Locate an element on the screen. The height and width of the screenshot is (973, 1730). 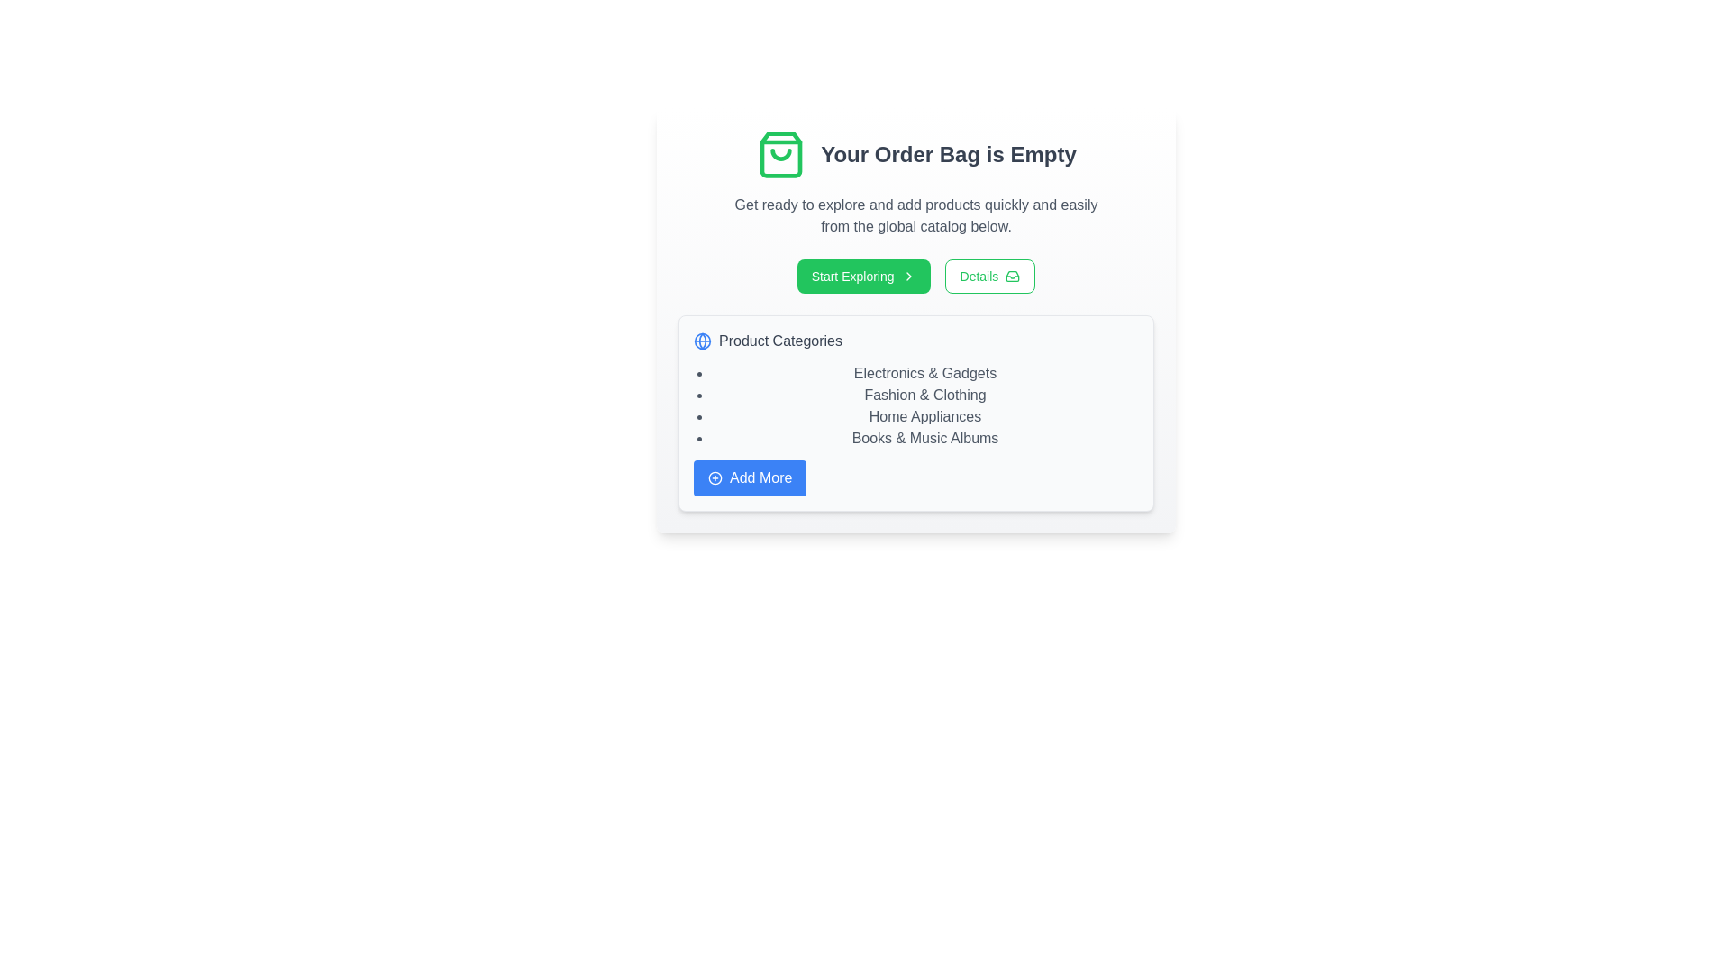
guiding text located beneath the heading 'Your Order Bag is Empty,' which provides information on exploring and adding products from a catalog is located at coordinates (916, 214).